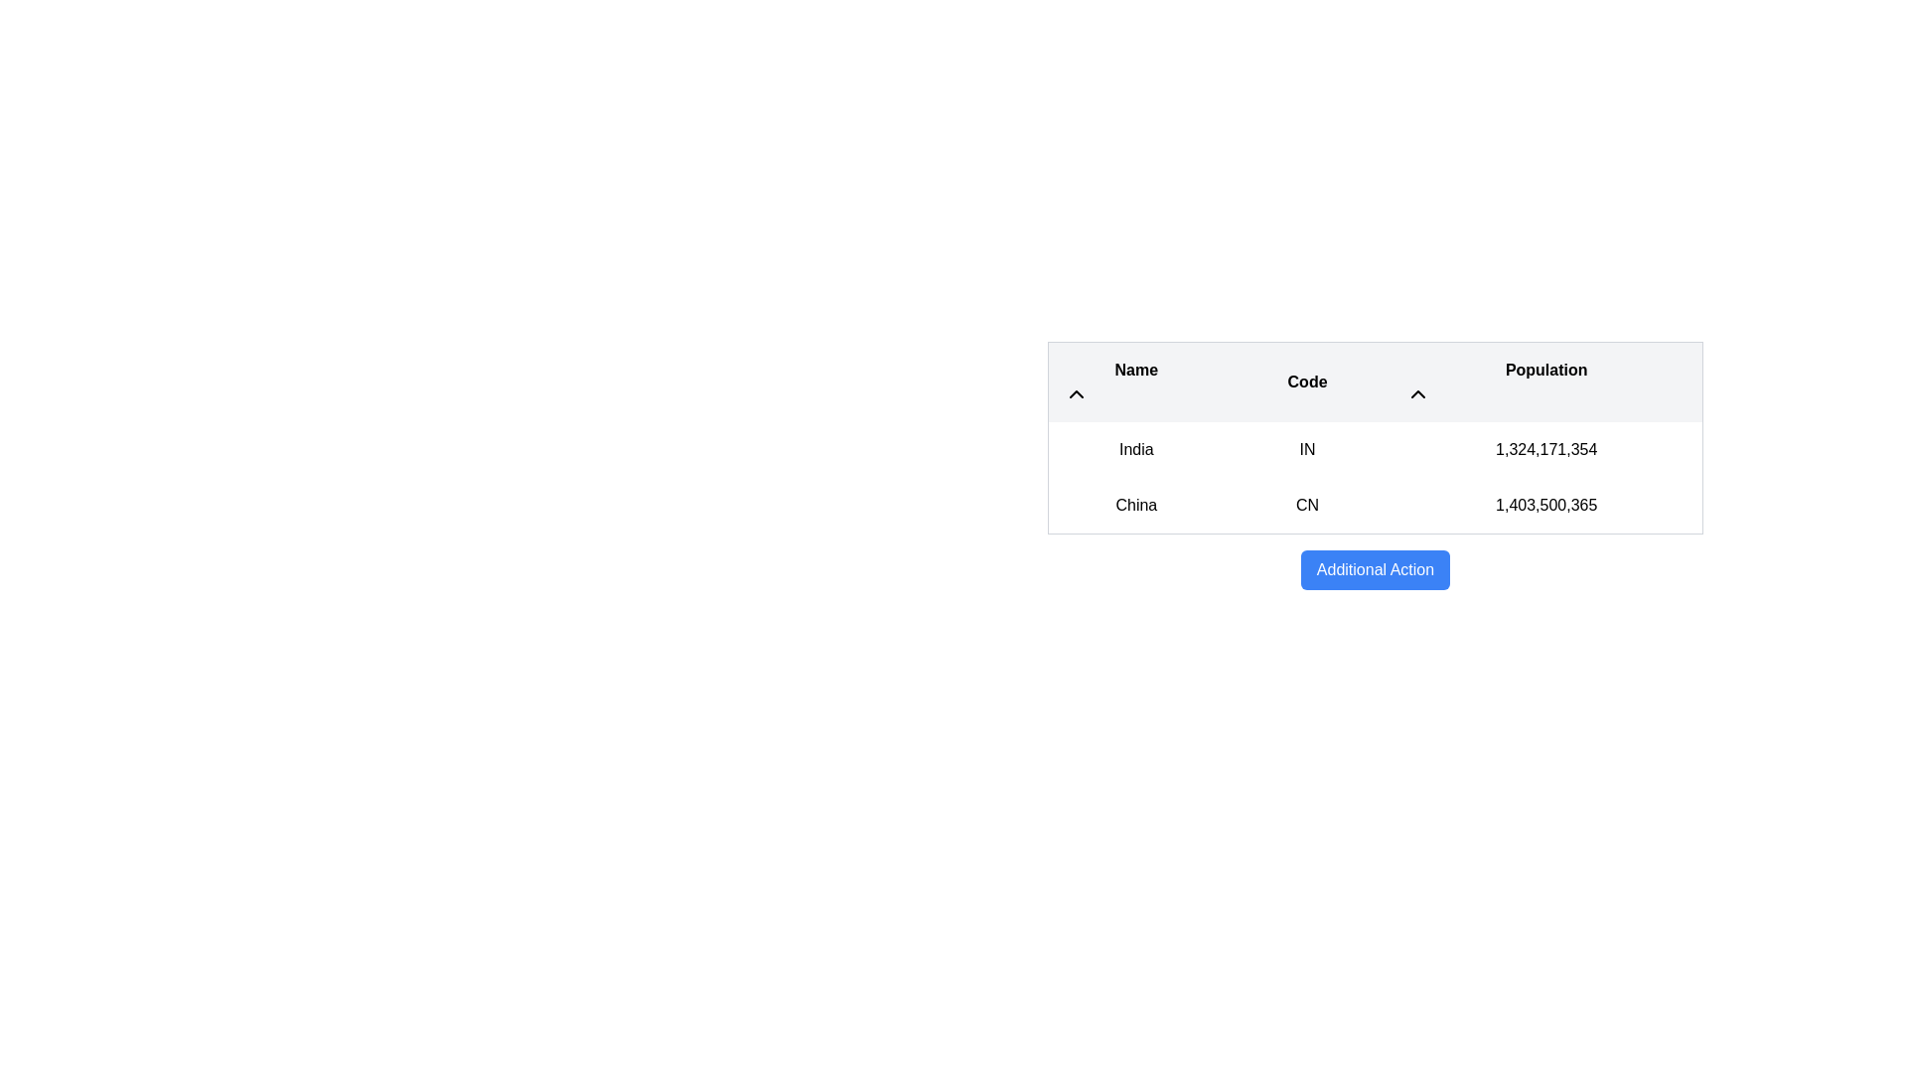  What do you see at coordinates (1307, 382) in the screenshot?
I see `displayed text of the static text label in the second column header that represents 'Code' values in the table` at bounding box center [1307, 382].